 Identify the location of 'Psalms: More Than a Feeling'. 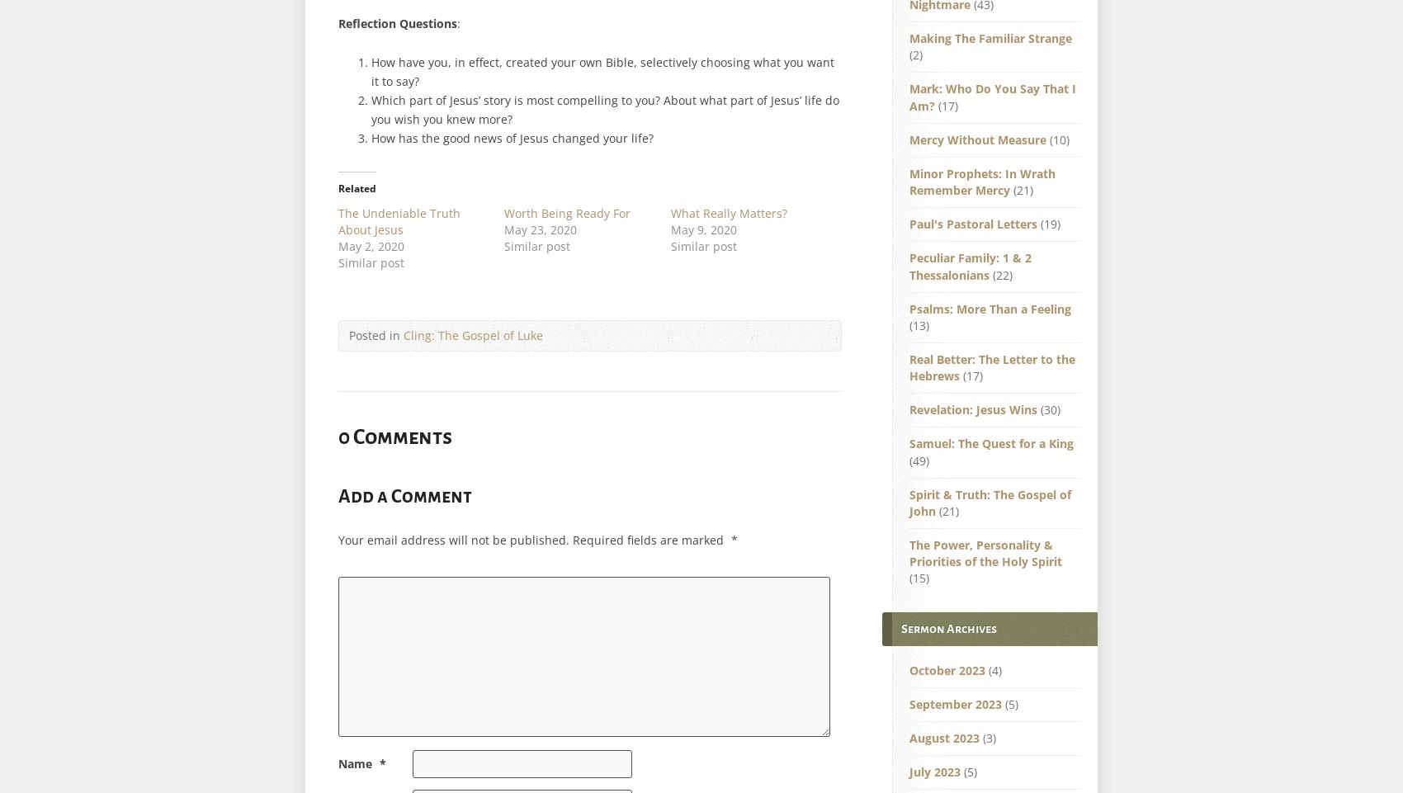
(990, 307).